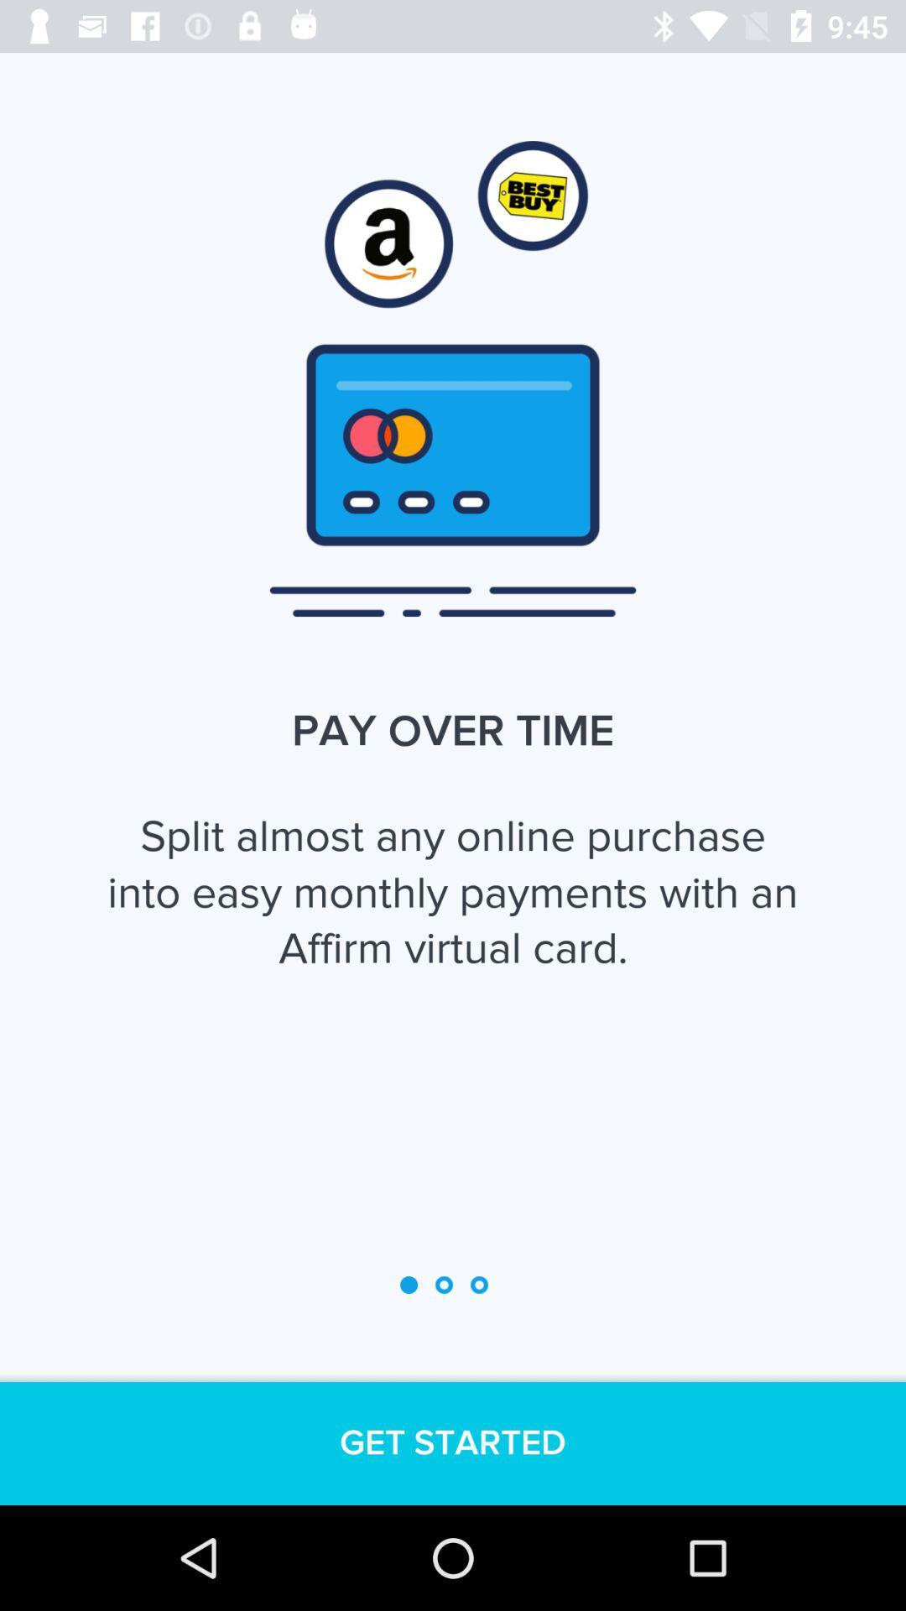 The image size is (906, 1611). I want to click on the get started, so click(453, 1442).